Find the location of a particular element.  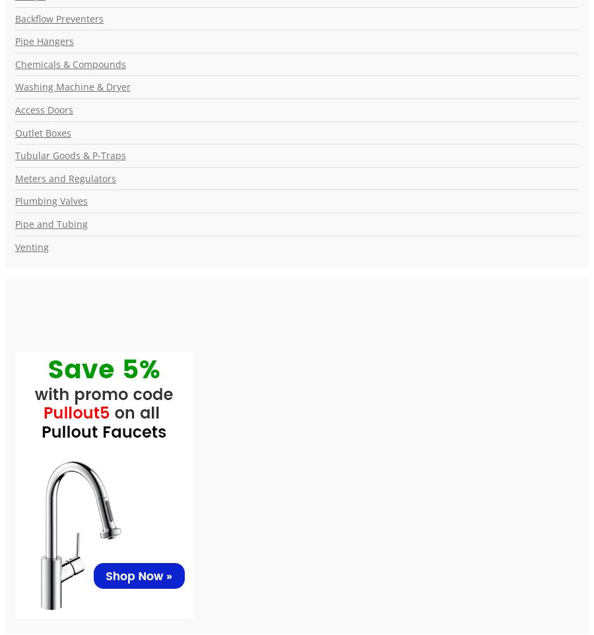

'Washing Machine & Dryer' is located at coordinates (72, 86).